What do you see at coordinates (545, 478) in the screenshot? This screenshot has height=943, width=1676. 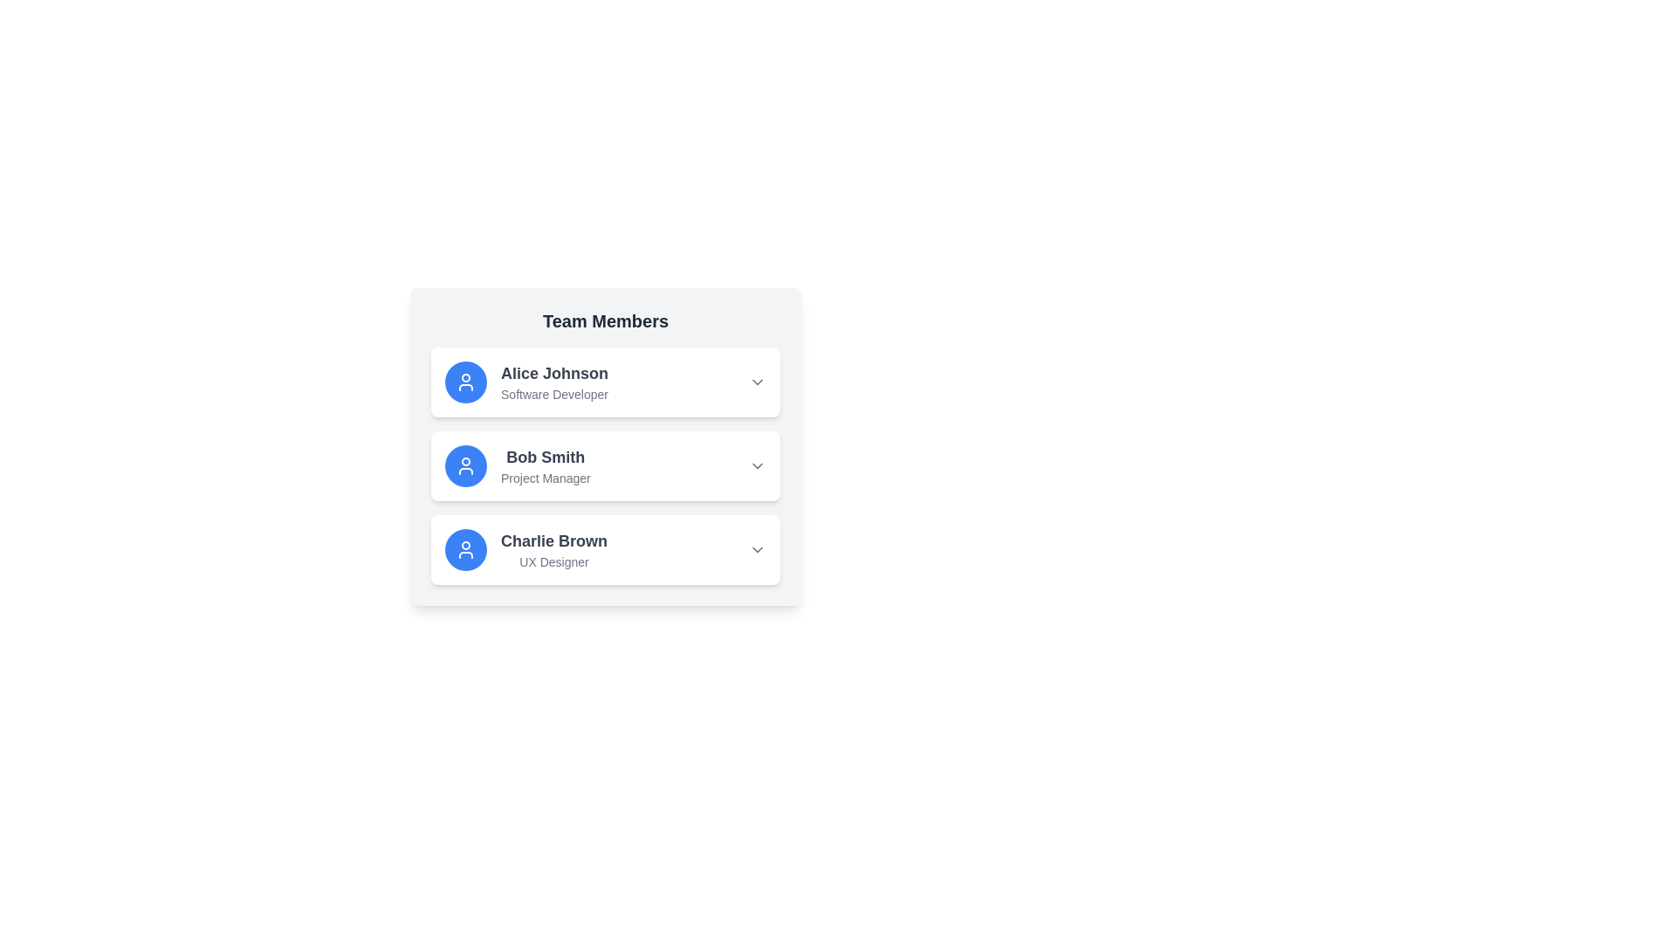 I see `the text label describing the role or position of 'Bob Smith' in the team structure, located in the second row of the 'Team Members' list, below 'Bob Smith' and to the right of an icon` at bounding box center [545, 478].